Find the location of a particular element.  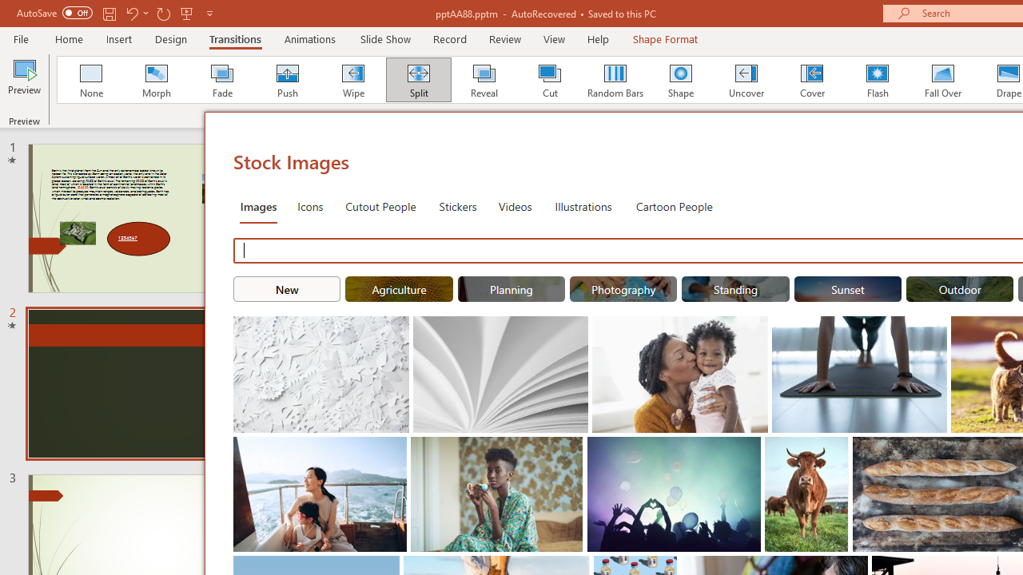

'"Agriculture" Stock Images.' is located at coordinates (399, 289).